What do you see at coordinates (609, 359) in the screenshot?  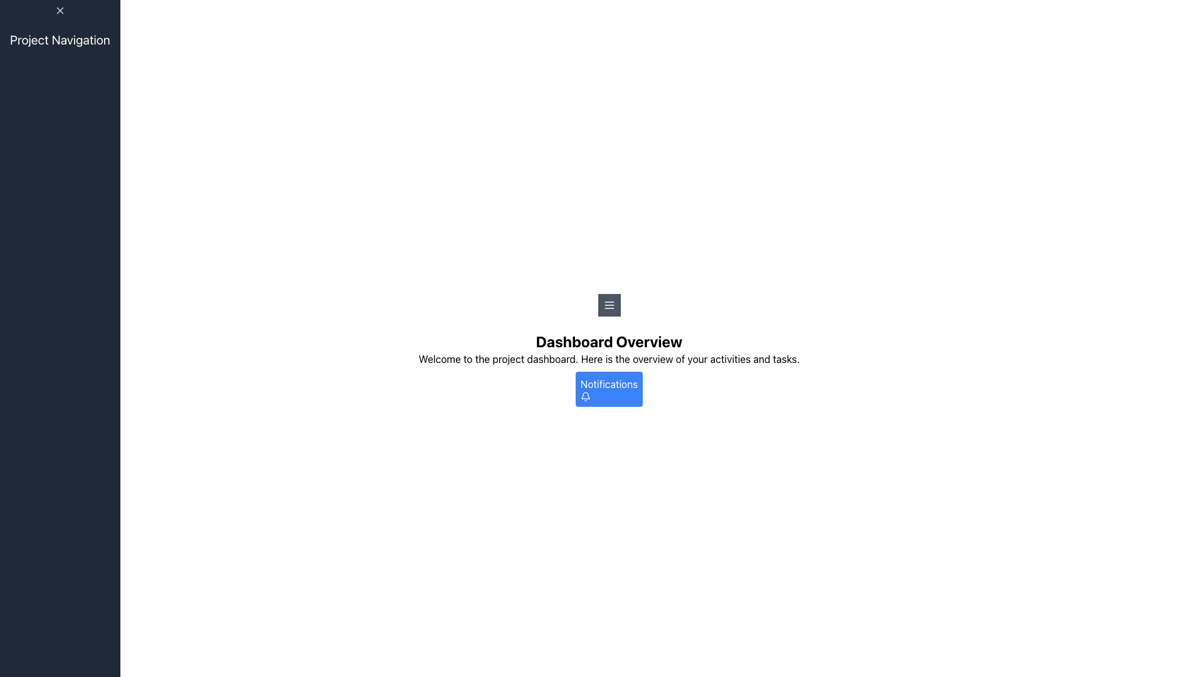 I see `the static text field that provides a welcoming overview of the dashboard's purpose and functionality, located above the 'Notifications' button` at bounding box center [609, 359].